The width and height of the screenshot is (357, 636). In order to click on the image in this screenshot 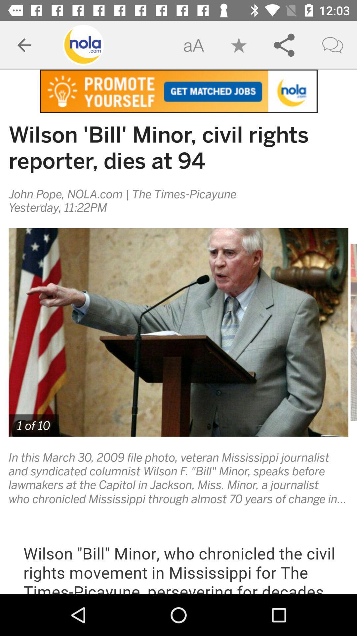, I will do `click(178, 332)`.